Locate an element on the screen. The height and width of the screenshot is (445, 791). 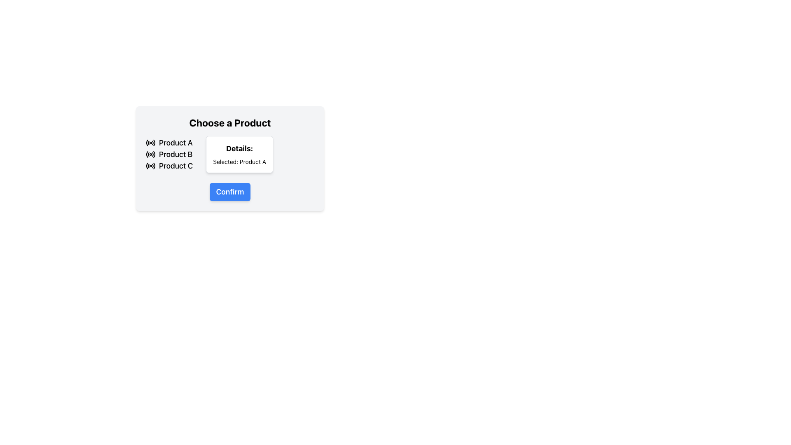
the Icon Fragment, which is a small curved segment of a circular shape that is part of the radio button indicator adjacent to the 'Product B' label is located at coordinates (153, 155).